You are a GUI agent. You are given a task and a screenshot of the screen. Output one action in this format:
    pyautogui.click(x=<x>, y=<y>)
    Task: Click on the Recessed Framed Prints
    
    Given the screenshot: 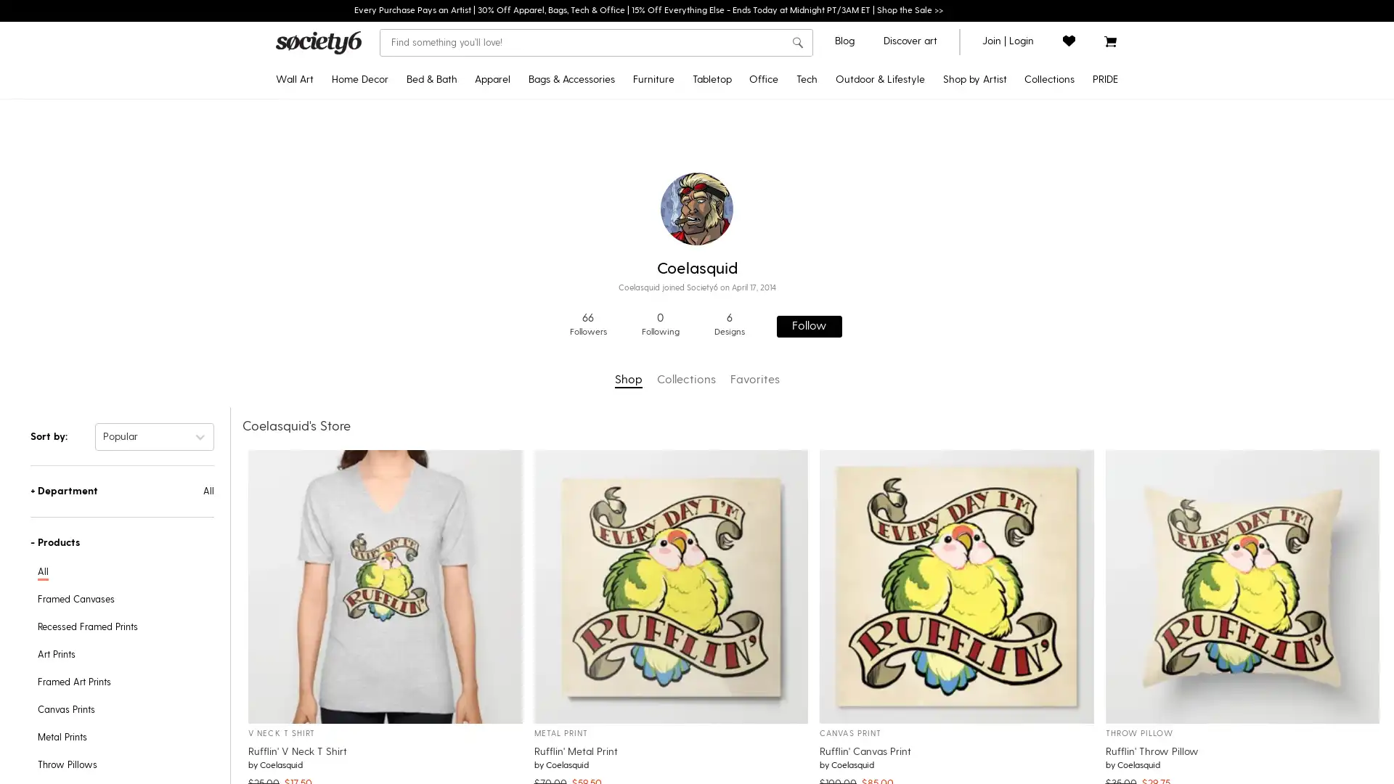 What is the action you would take?
    pyautogui.click(x=341, y=163)
    